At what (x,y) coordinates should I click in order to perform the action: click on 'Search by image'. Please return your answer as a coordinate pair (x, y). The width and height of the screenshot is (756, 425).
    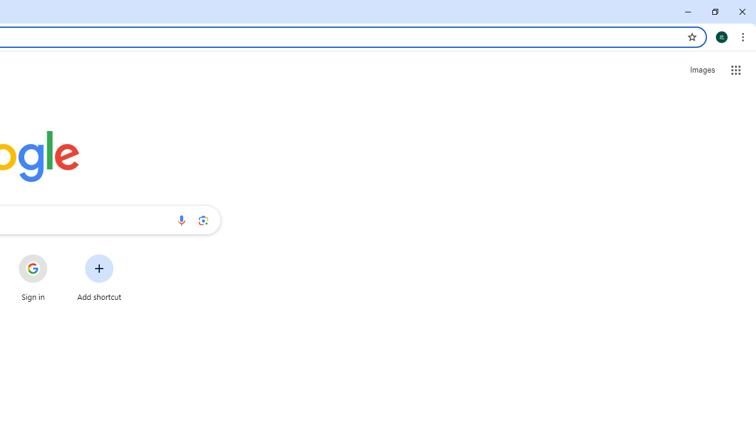
    Looking at the image, I should click on (203, 220).